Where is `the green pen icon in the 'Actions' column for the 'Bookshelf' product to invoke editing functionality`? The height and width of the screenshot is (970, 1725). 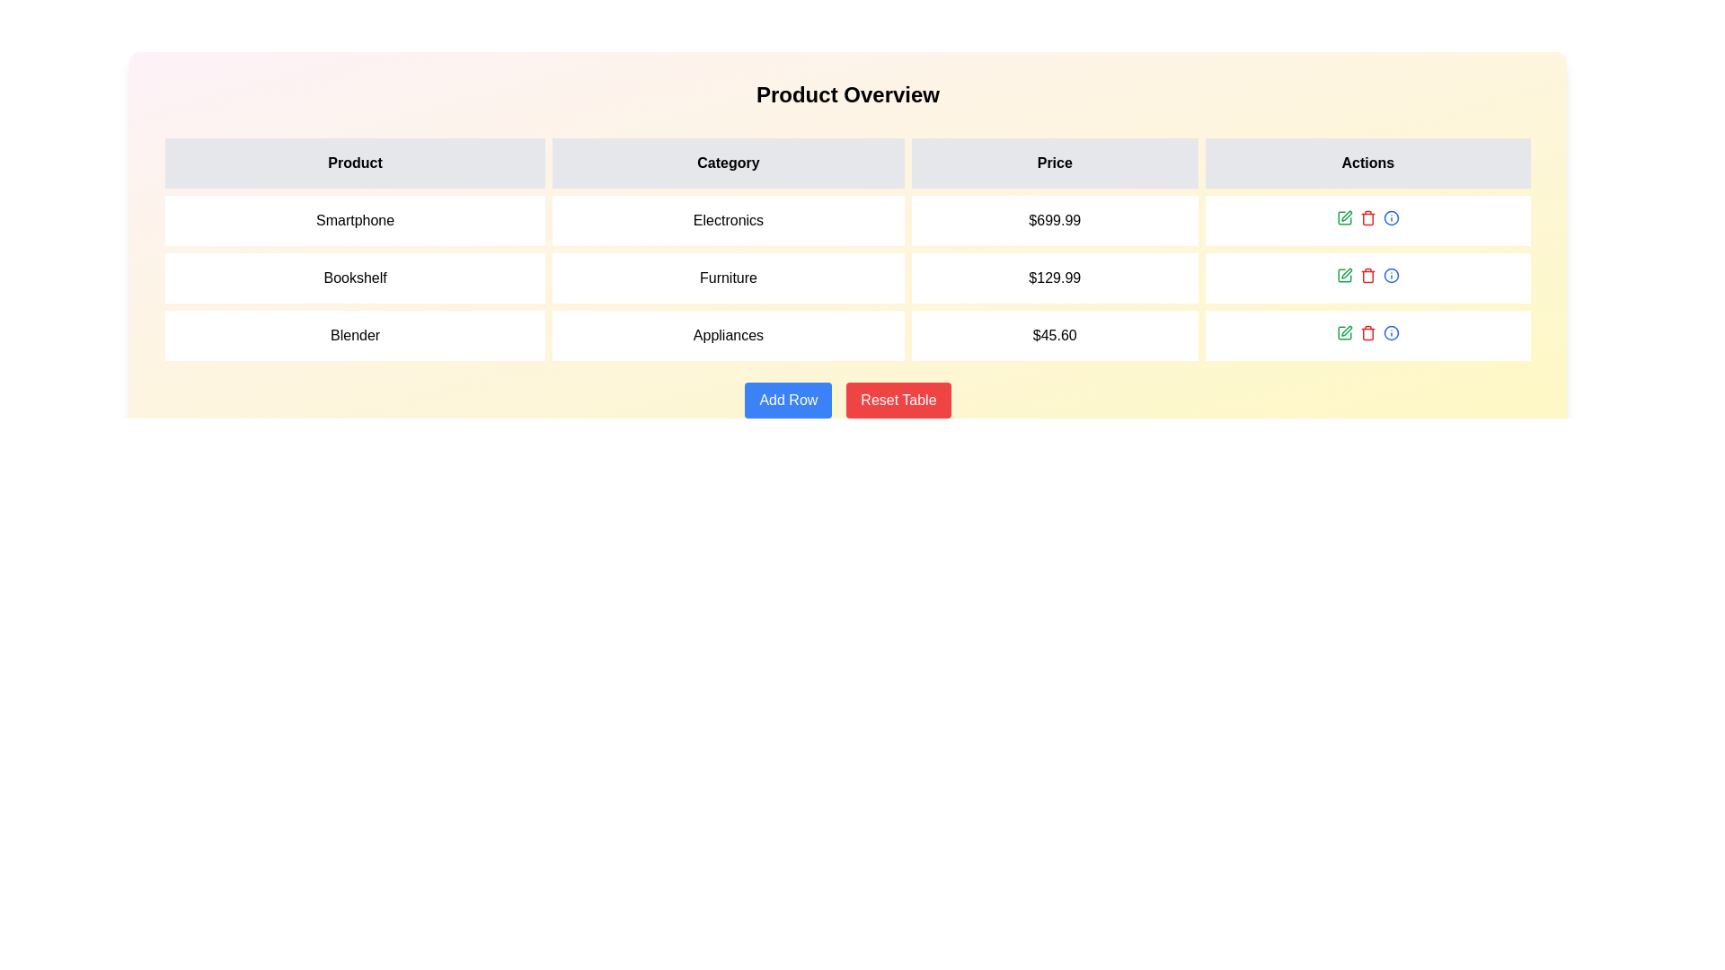
the green pen icon in the 'Actions' column for the 'Bookshelf' product to invoke editing functionality is located at coordinates (1344, 276).